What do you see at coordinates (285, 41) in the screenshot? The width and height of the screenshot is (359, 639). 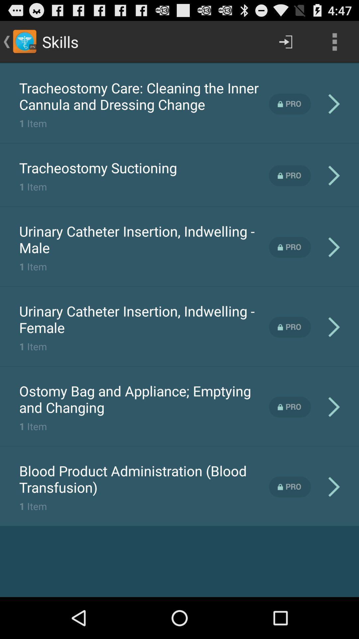 I see `the item next to the skills item` at bounding box center [285, 41].